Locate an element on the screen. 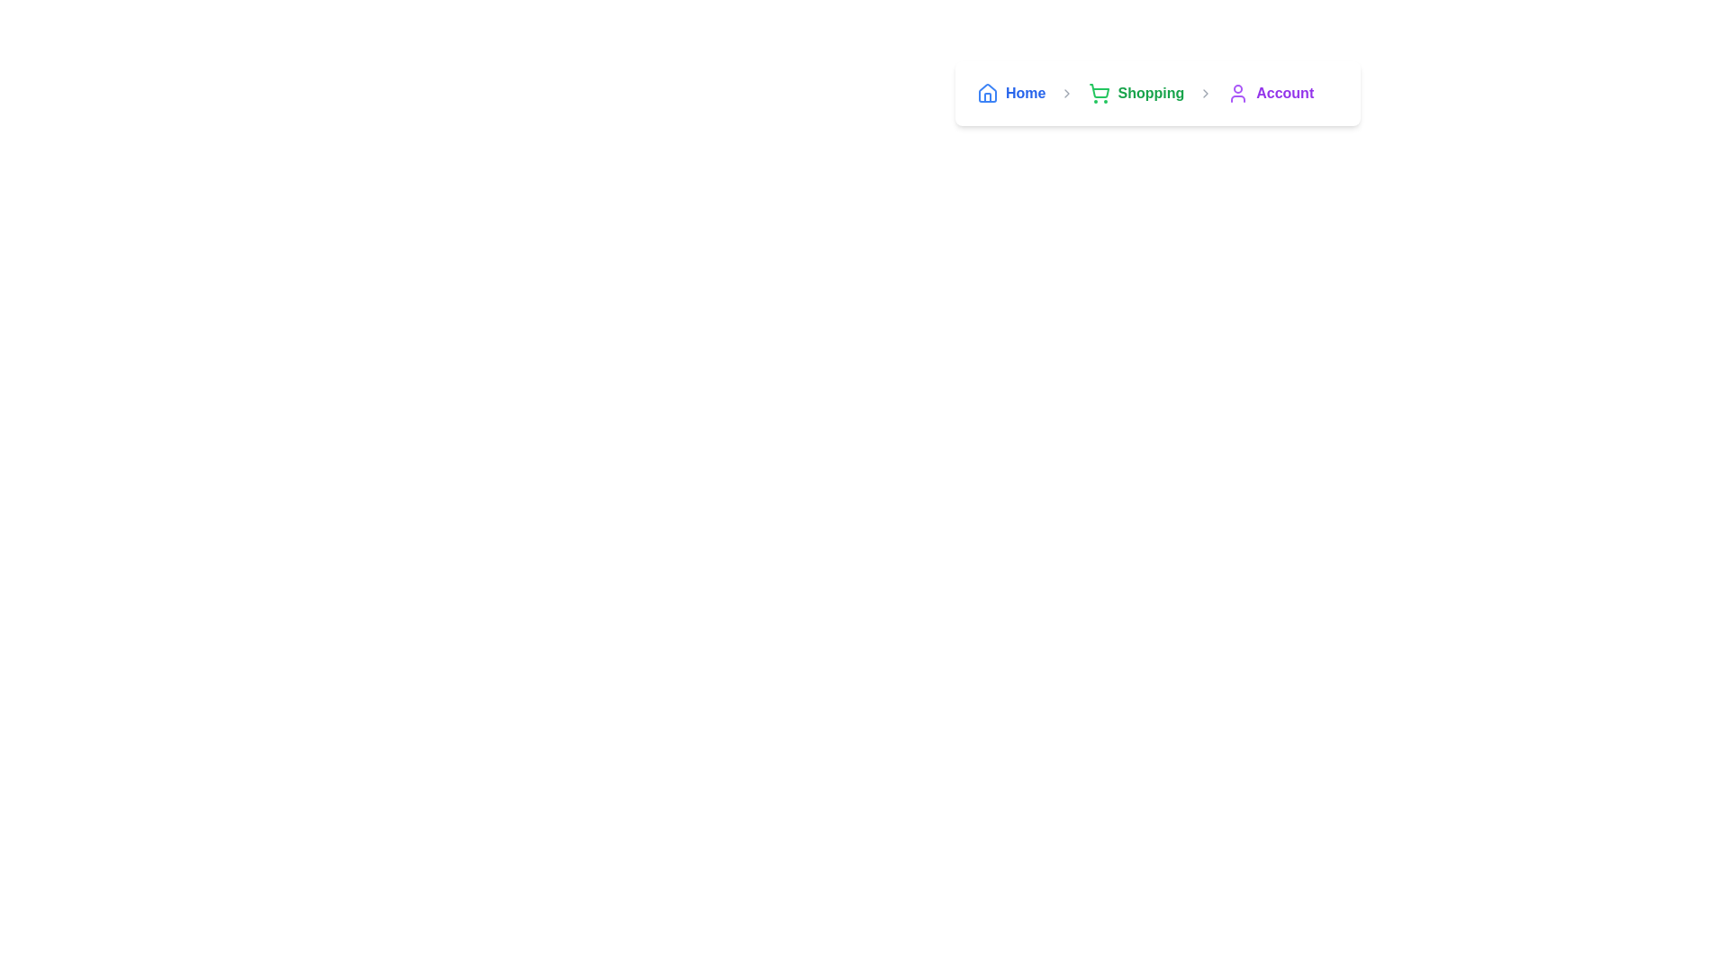 The image size is (1729, 973). the breadcrumb navigation link that redirects to the Shopping section, positioned as the second item in the breadcrumb sequence between 'Home' and 'Account' is located at coordinates (1158, 94).